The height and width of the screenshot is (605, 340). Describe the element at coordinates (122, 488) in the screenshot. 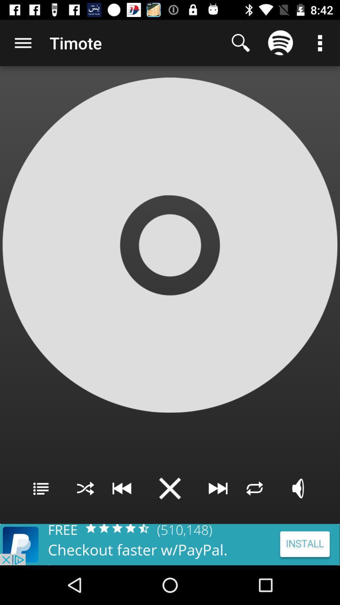

I see `the av_rewind icon` at that location.